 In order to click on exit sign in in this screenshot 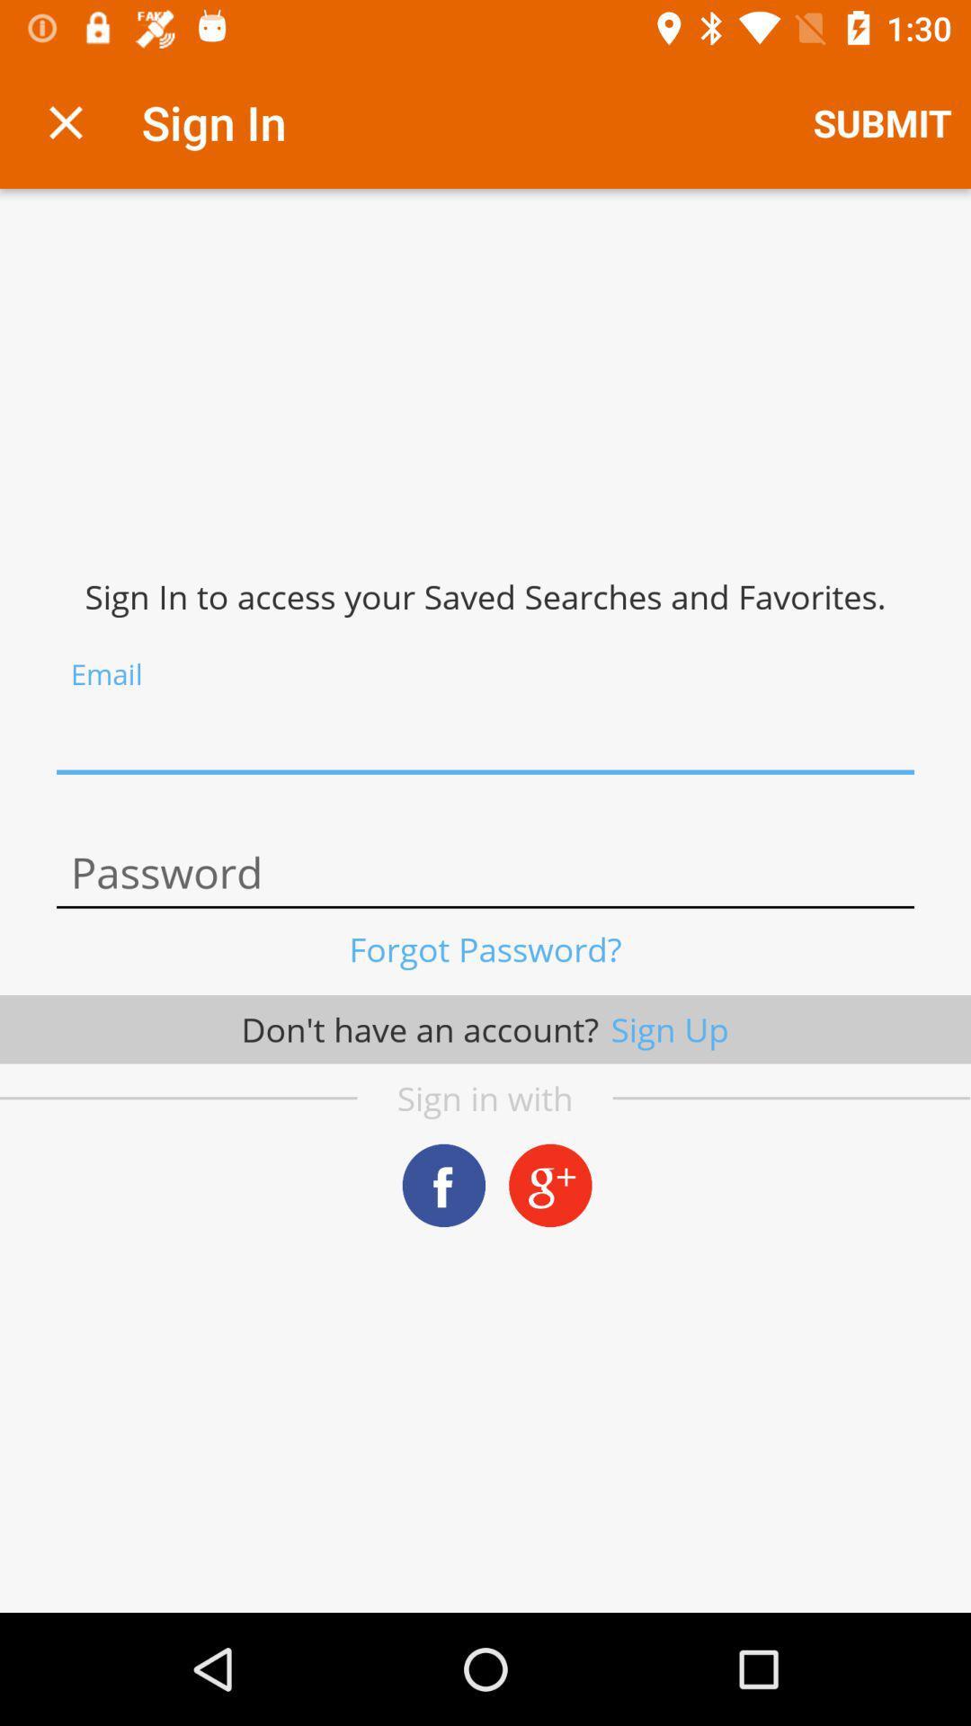, I will do `click(65, 121)`.